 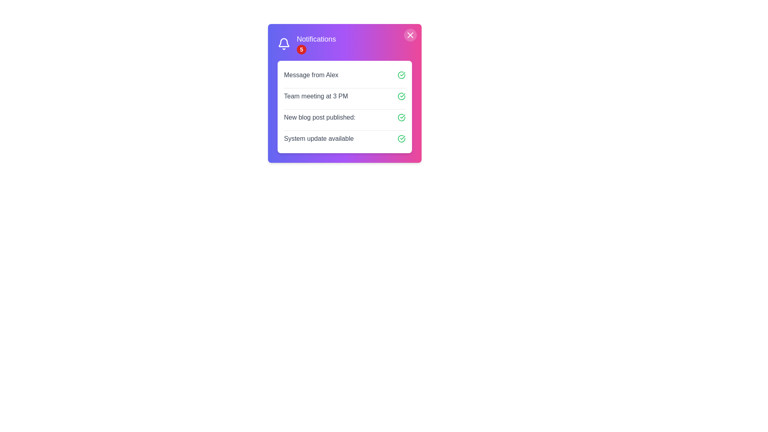 I want to click on the close button located at the upper-right corner of the notification card, so click(x=410, y=35).